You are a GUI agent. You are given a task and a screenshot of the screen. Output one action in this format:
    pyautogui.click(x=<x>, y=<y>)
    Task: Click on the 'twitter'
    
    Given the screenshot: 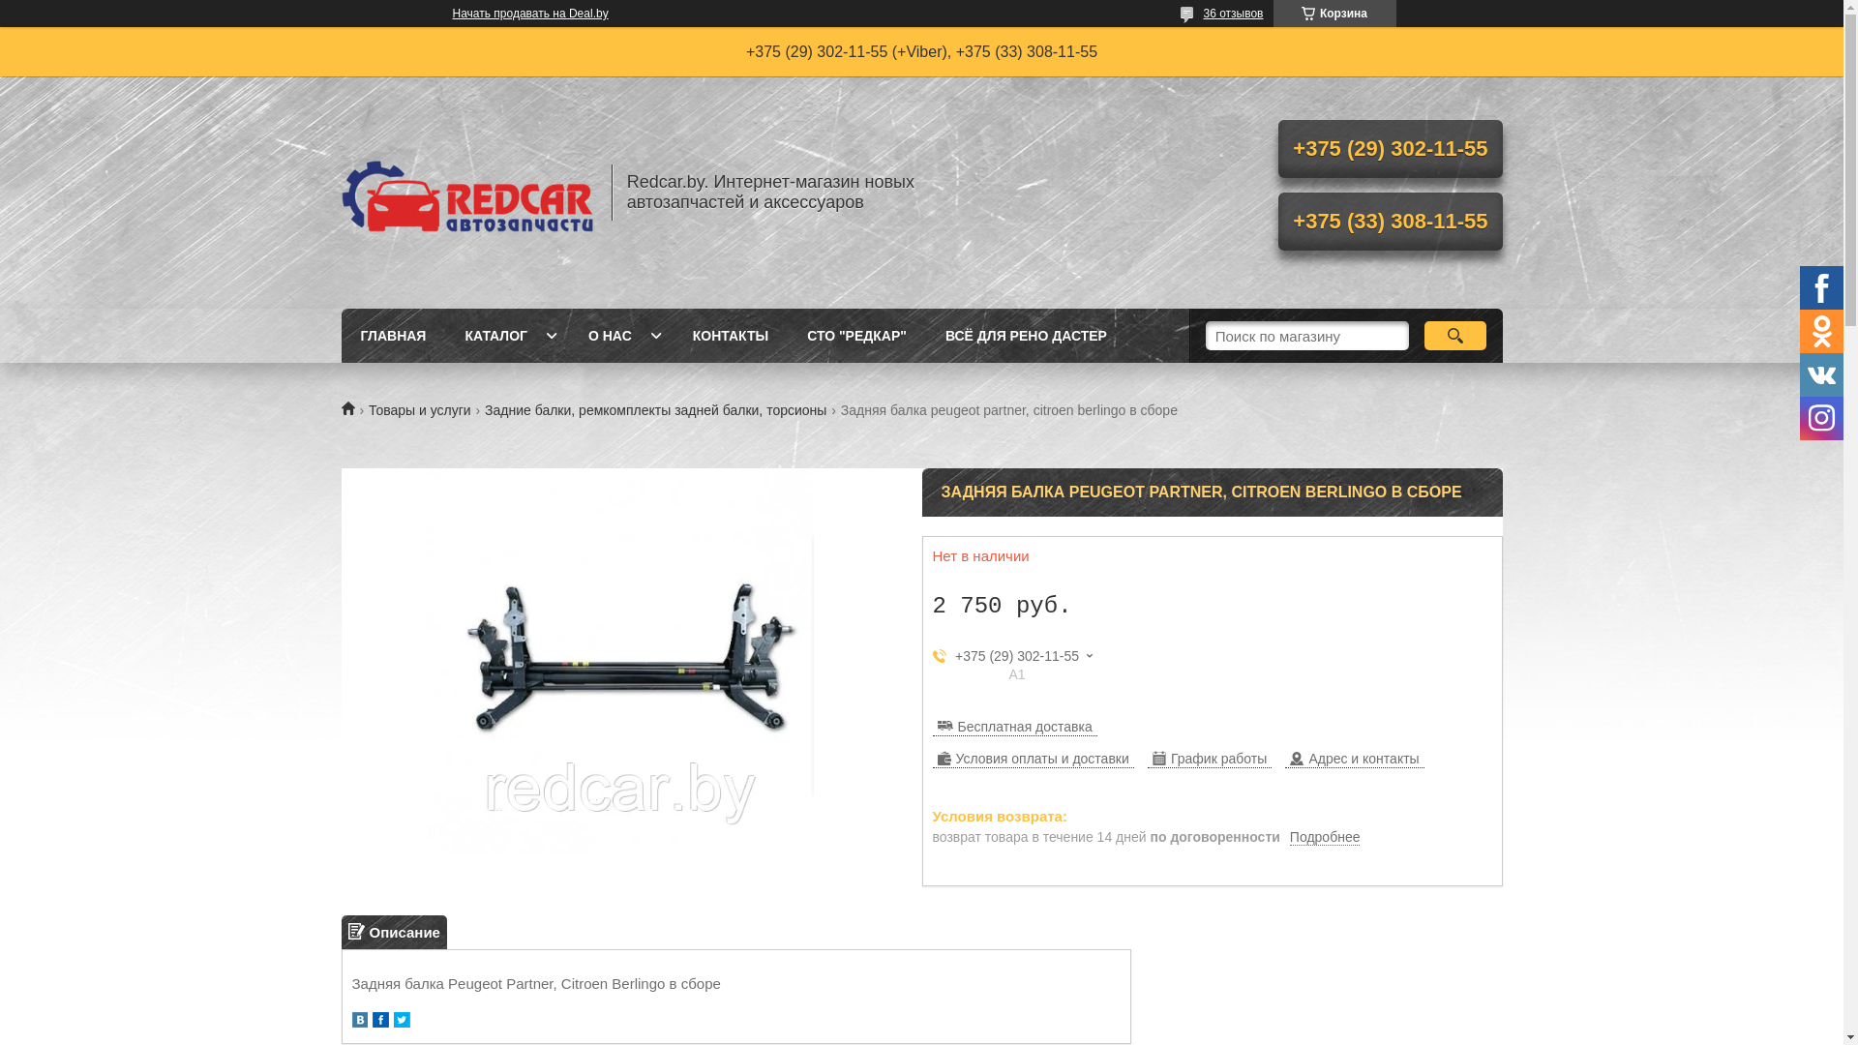 What is the action you would take?
    pyautogui.click(x=392, y=1021)
    